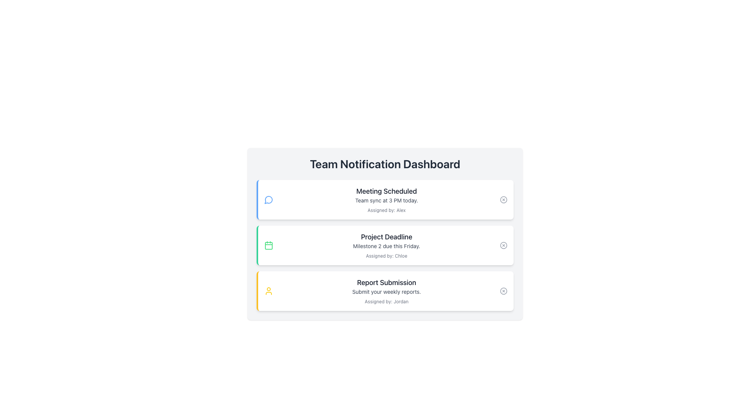 The height and width of the screenshot is (411, 731). What do you see at coordinates (386, 291) in the screenshot?
I see `the Text information panel displaying 'Report Submission', which includes a title, subtitle, and note, positioned in the third row of the notification panel on the dashboard` at bounding box center [386, 291].